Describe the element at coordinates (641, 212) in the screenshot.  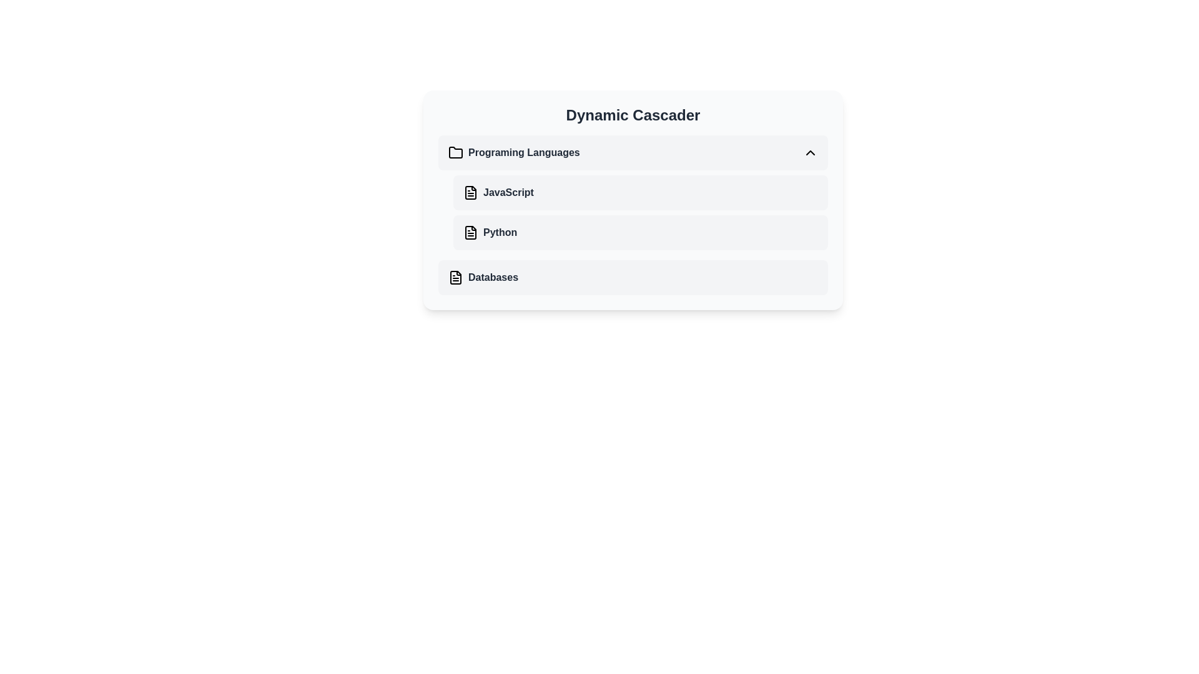
I see `the 'JavaScript' item in the Programming Languages list` at that location.